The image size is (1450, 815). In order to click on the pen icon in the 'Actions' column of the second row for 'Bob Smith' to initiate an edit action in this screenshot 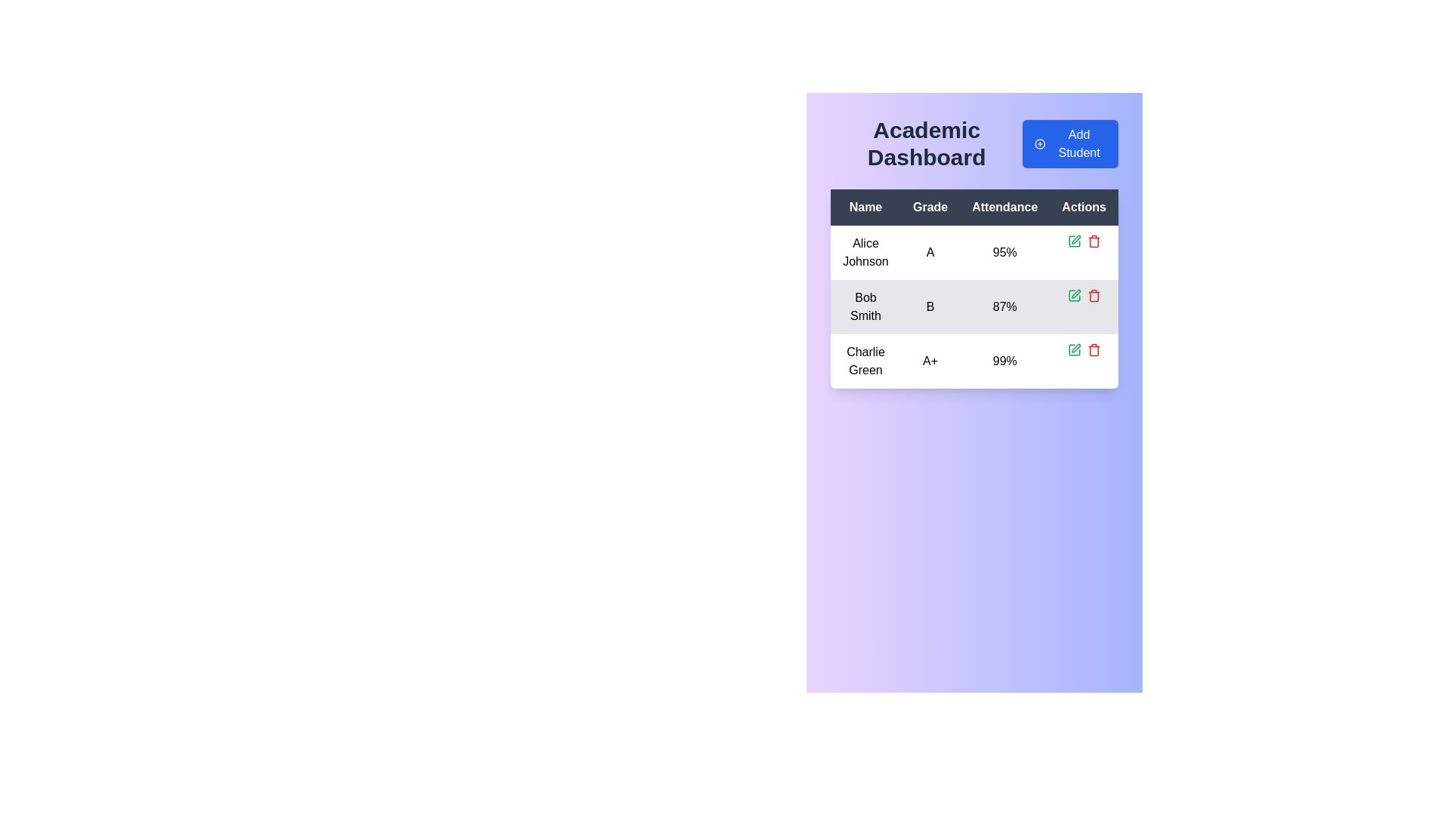, I will do `click(1073, 296)`.